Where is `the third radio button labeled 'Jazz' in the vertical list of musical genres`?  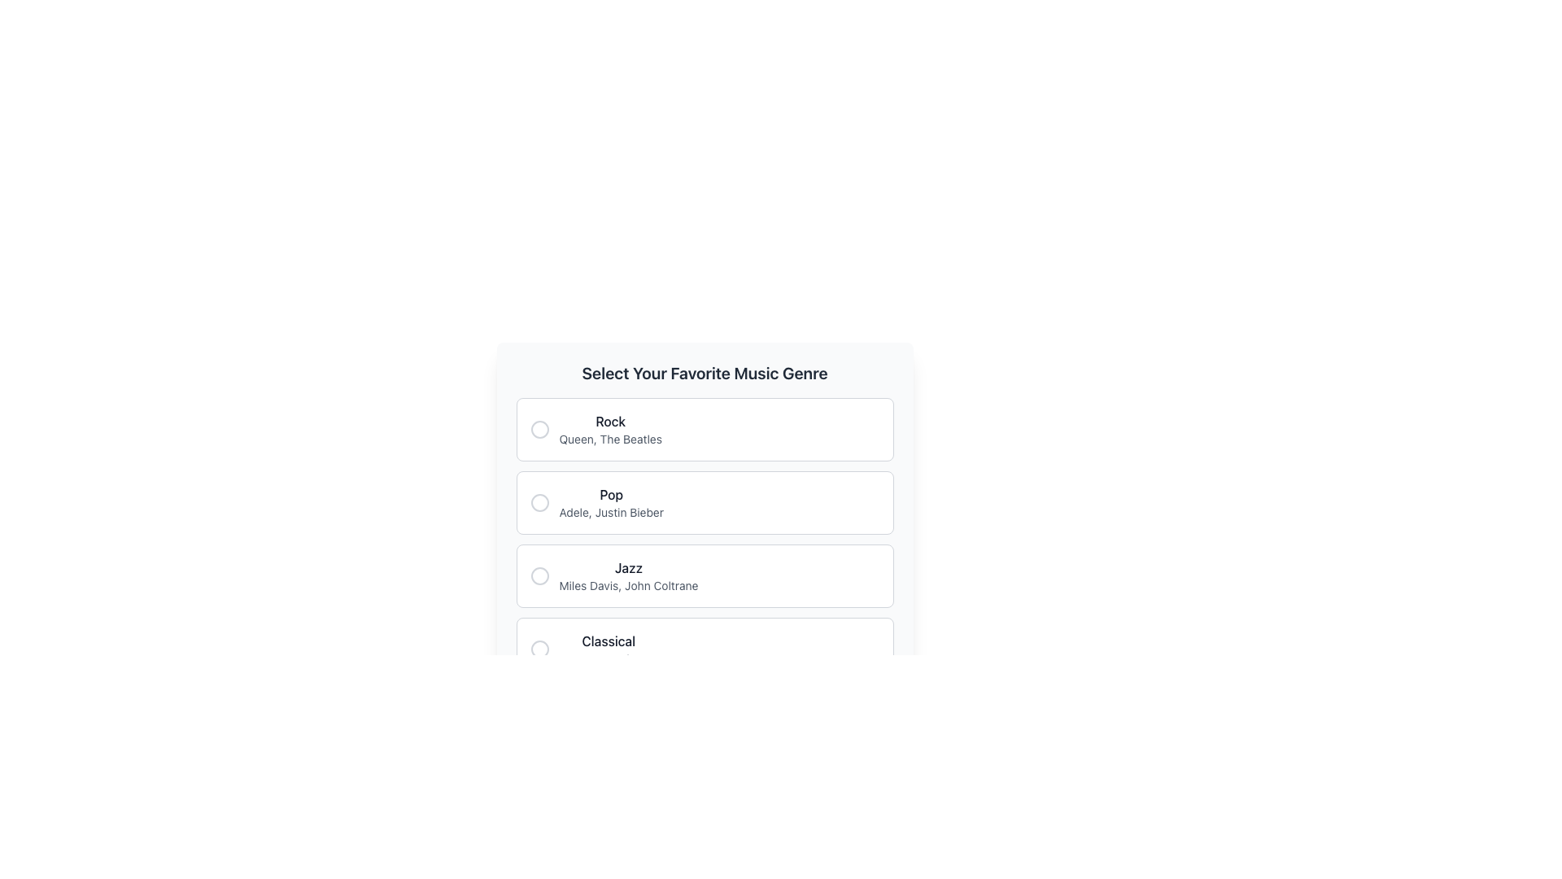
the third radio button labeled 'Jazz' in the vertical list of musical genres is located at coordinates (539, 575).